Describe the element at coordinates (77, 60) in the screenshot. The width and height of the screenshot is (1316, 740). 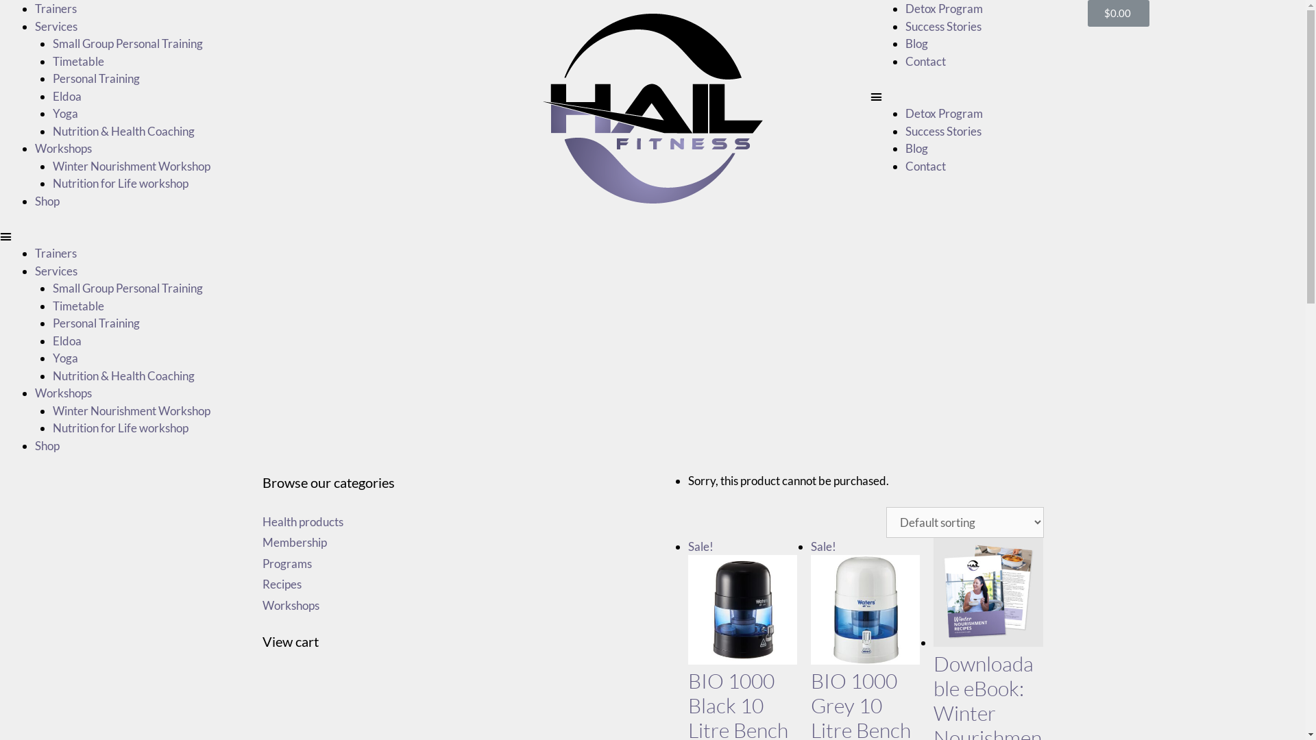
I see `'Timetable'` at that location.